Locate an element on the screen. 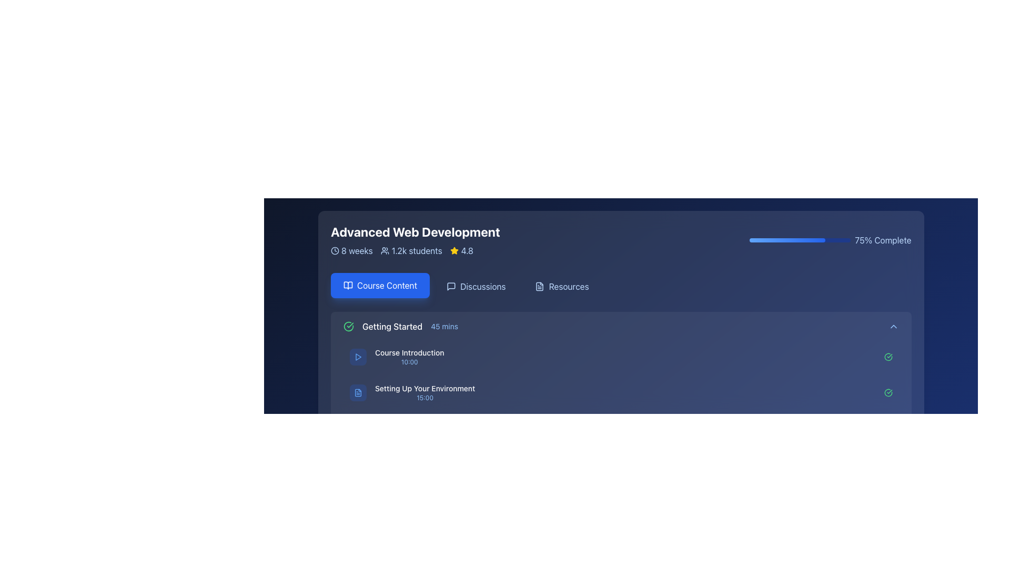 Image resolution: width=1010 pixels, height=568 pixels. the play button with a blue background and a play icon is located at coordinates (358, 356).